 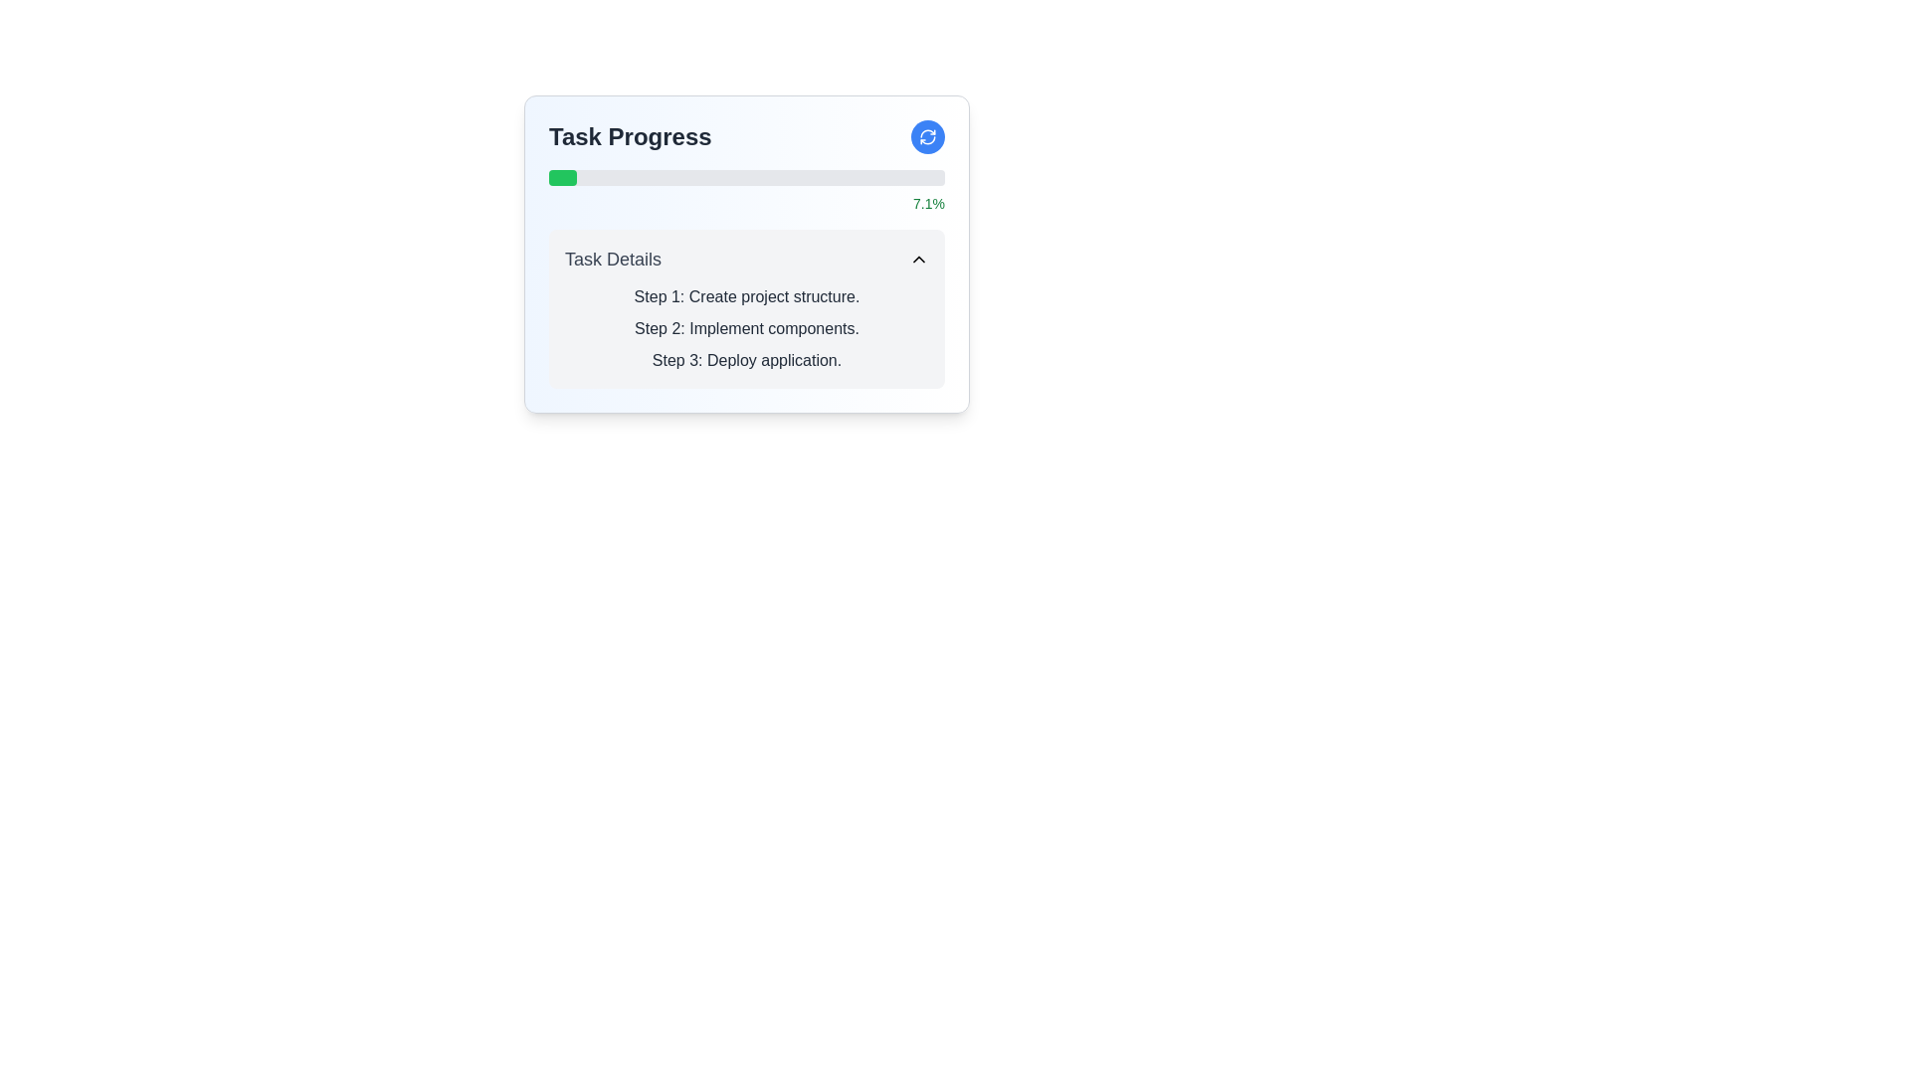 I want to click on the informational text block that lists steps in the process, positioned centrally below the 'Task Details' title, so click(x=745, y=328).